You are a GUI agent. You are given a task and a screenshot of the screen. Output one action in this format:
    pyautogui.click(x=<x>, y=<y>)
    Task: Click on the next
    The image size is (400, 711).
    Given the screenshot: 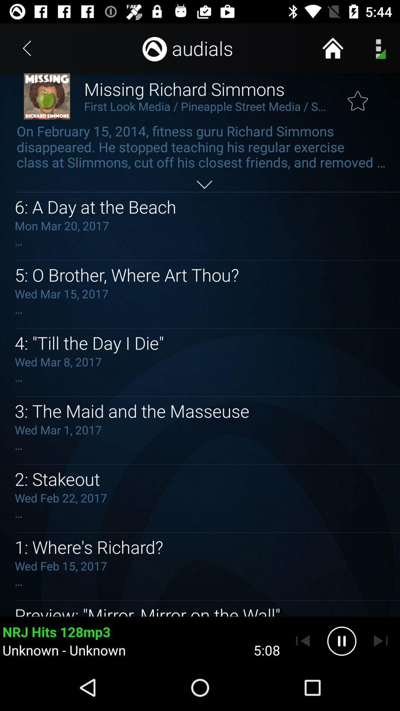 What is the action you would take?
    pyautogui.click(x=380, y=641)
    